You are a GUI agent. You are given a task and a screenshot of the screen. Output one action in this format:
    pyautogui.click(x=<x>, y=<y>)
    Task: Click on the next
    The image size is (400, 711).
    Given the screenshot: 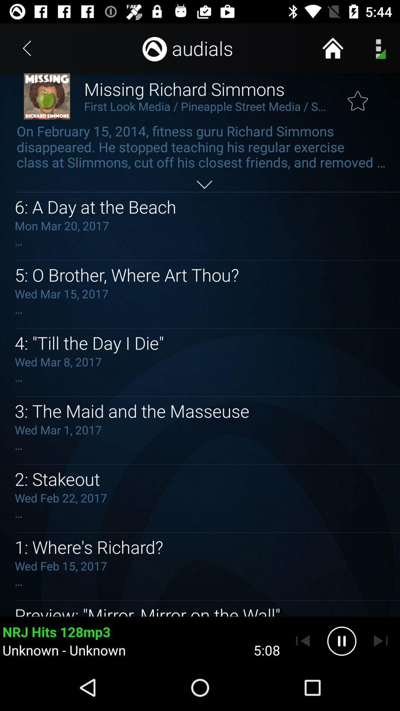 What is the action you would take?
    pyautogui.click(x=380, y=641)
    